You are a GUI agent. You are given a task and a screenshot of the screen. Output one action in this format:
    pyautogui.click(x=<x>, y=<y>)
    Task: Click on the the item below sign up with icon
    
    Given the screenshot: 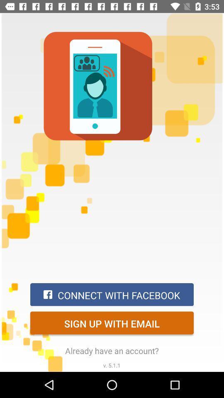 What is the action you would take?
    pyautogui.click(x=112, y=350)
    